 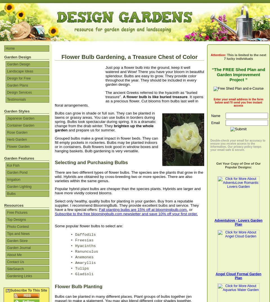 What do you see at coordinates (20, 71) in the screenshot?
I see `'Landscape Ideas'` at bounding box center [20, 71].